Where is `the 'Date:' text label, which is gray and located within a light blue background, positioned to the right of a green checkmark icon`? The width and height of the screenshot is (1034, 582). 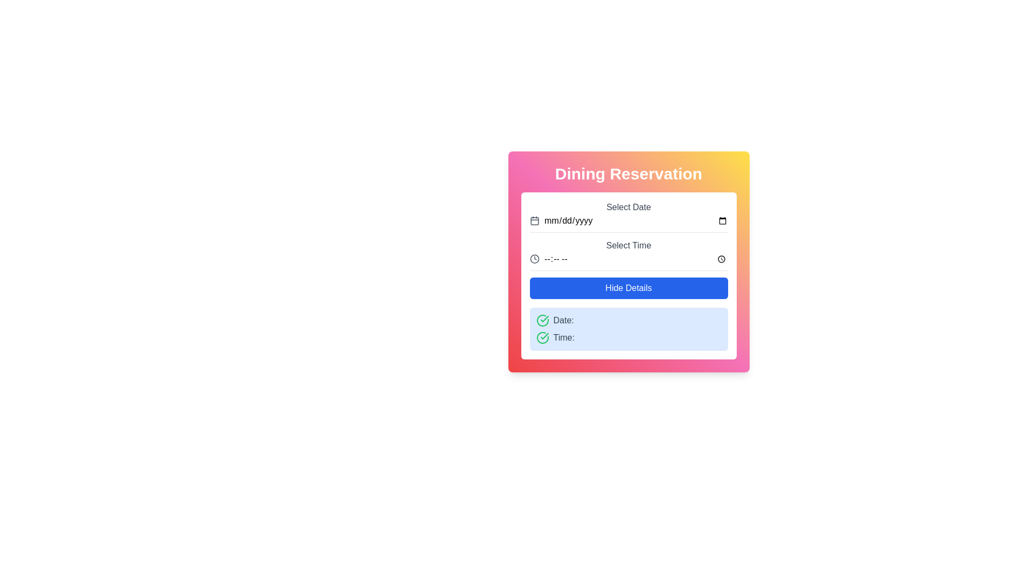 the 'Date:' text label, which is gray and located within a light blue background, positioned to the right of a green checkmark icon is located at coordinates (563, 320).